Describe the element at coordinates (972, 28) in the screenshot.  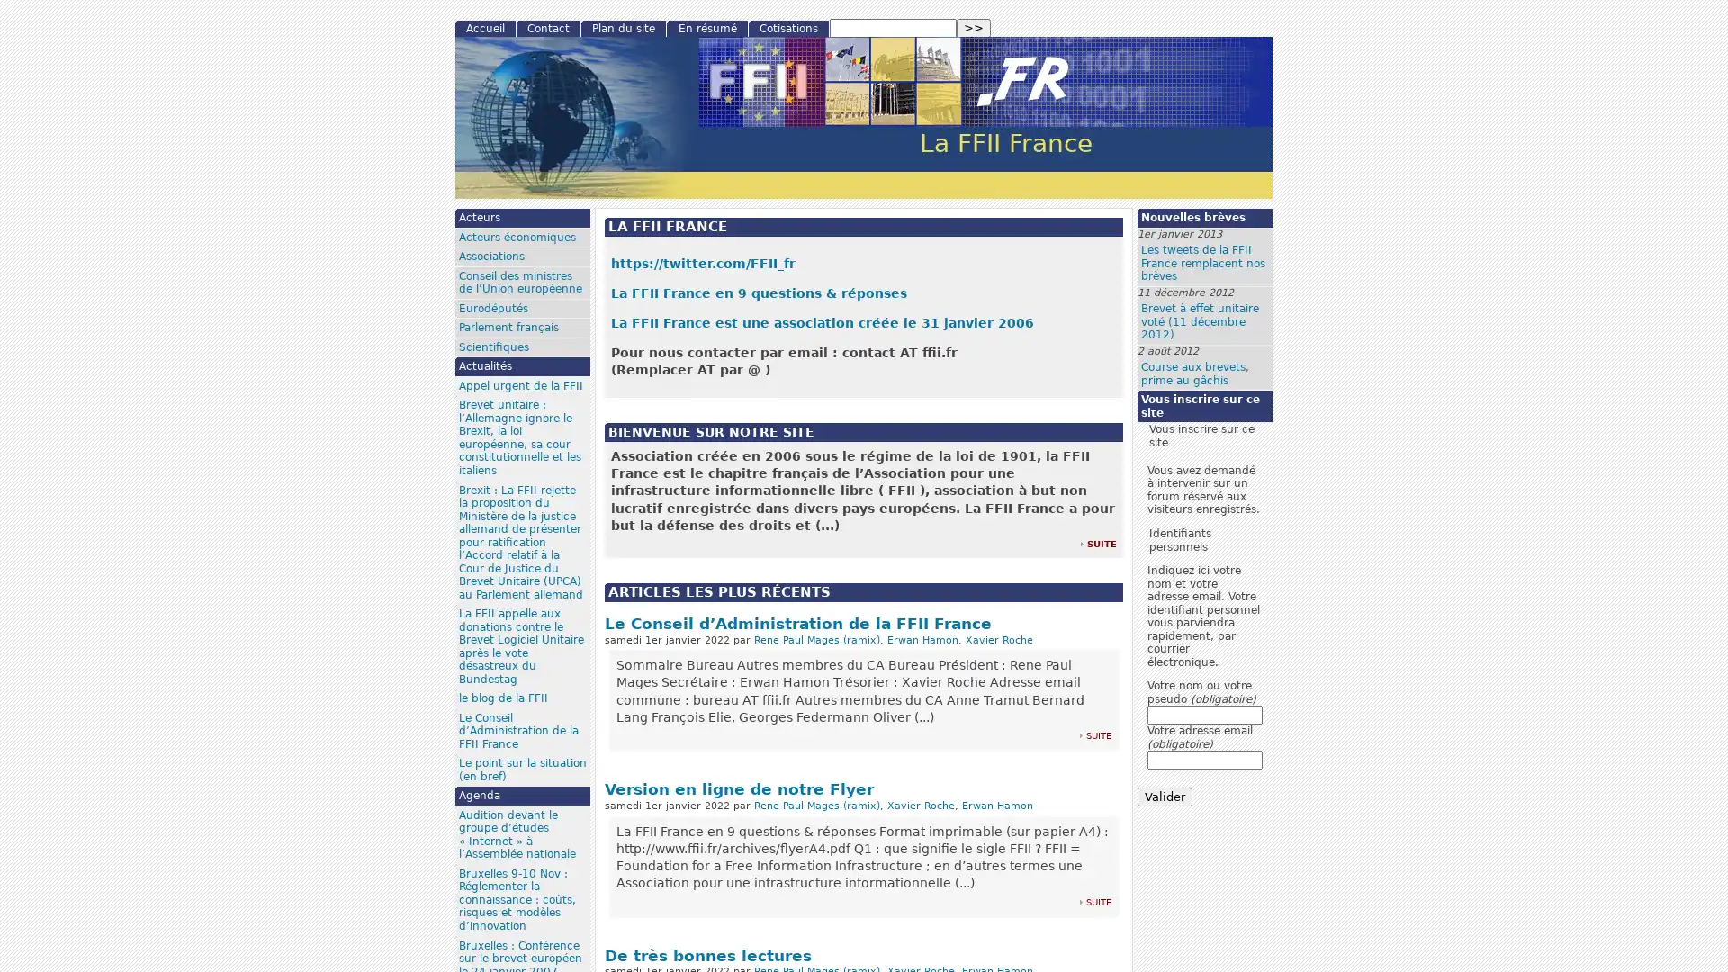
I see `>>` at that location.